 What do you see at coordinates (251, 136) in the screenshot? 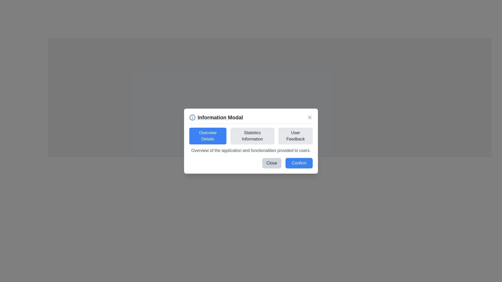
I see `the interactive button located at the center of a row of three buttons, which is positioned between 'Overview Details' and 'User Feedback'` at bounding box center [251, 136].